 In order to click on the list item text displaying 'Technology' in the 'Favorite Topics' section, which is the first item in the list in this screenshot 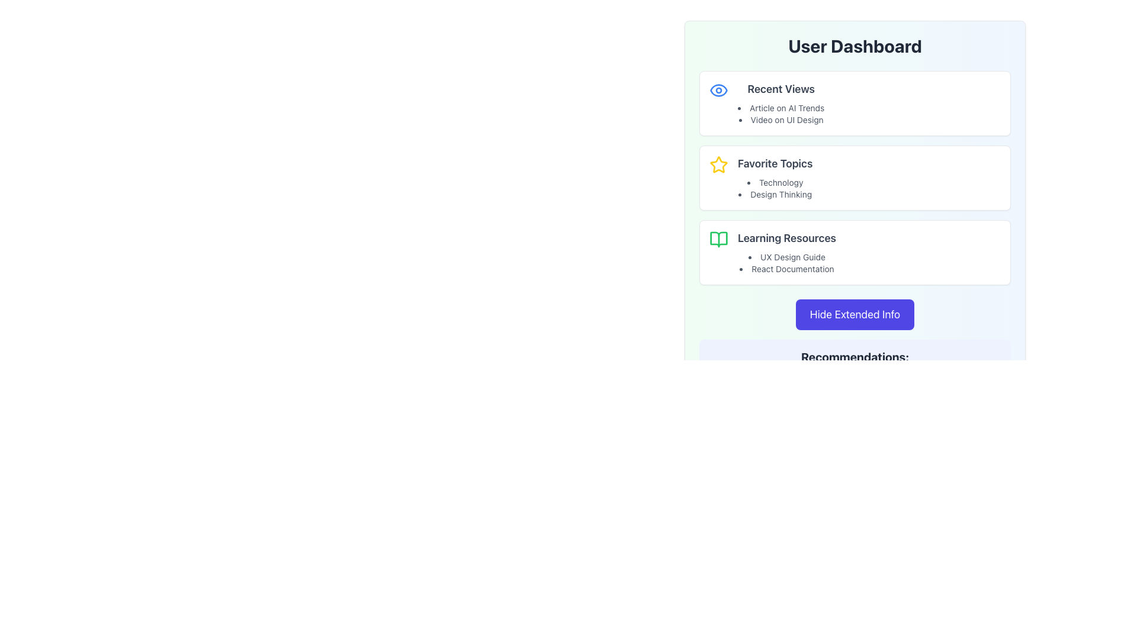, I will do `click(775, 182)`.